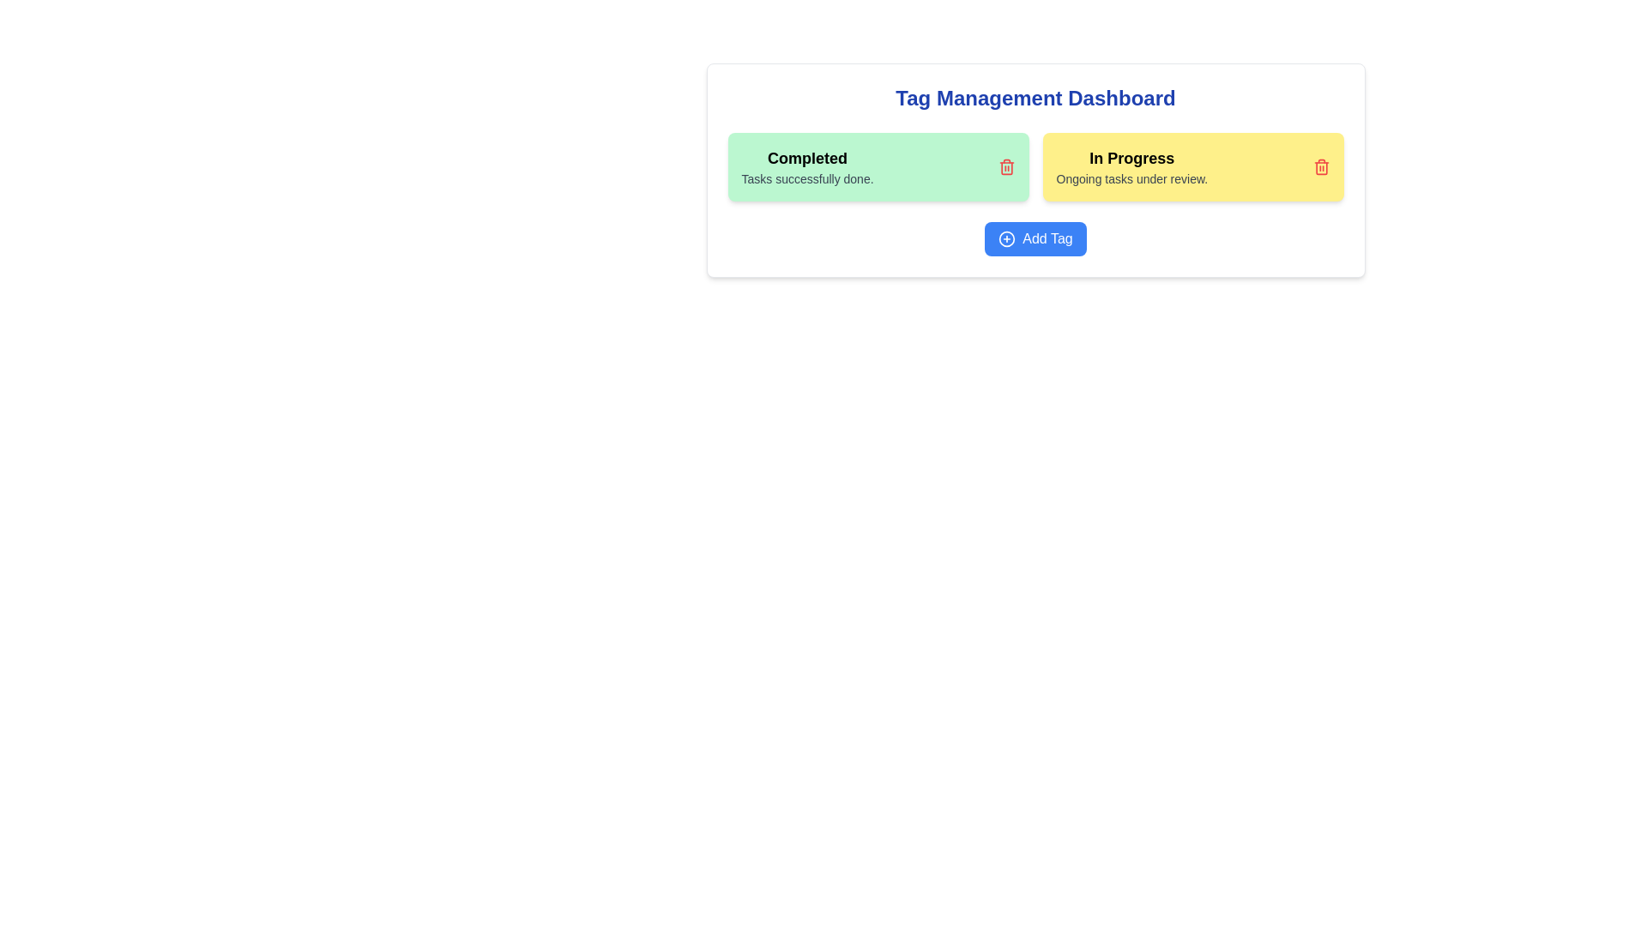  I want to click on the SVG icon located at the leftmost position of the 'Add Tag' button, so click(1007, 238).